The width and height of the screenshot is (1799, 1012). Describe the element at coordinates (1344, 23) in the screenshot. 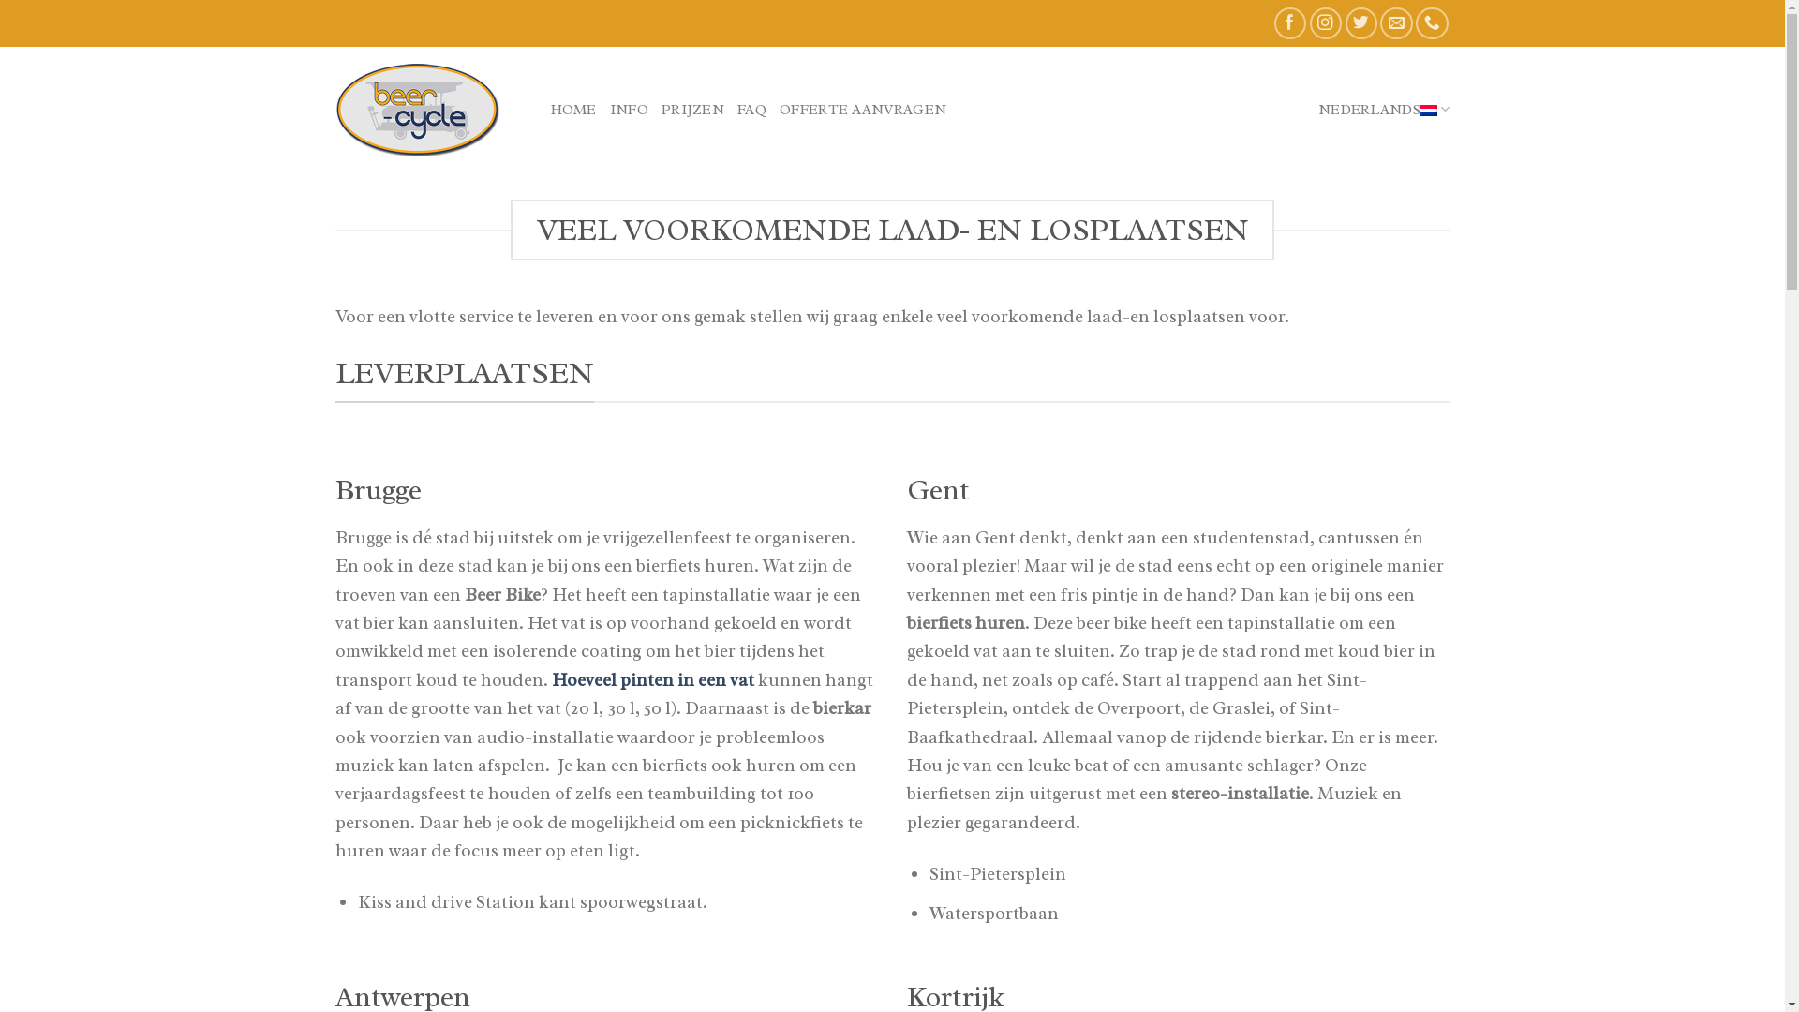

I see `'Volg ons op Twitter'` at that location.